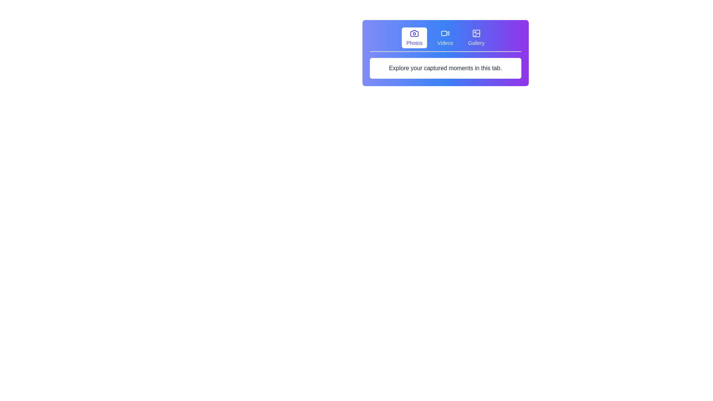  I want to click on the camera icon located at the center of the 'Photos' button in the top horizontal navigation bar, so click(414, 33).